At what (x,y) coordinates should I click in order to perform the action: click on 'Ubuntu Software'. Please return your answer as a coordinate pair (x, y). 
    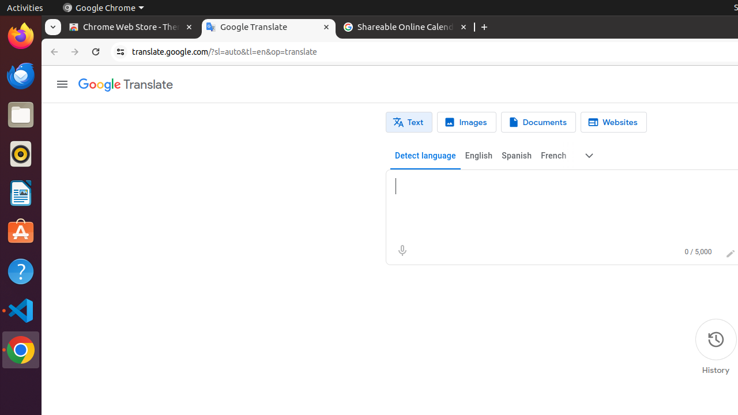
    Looking at the image, I should click on (20, 232).